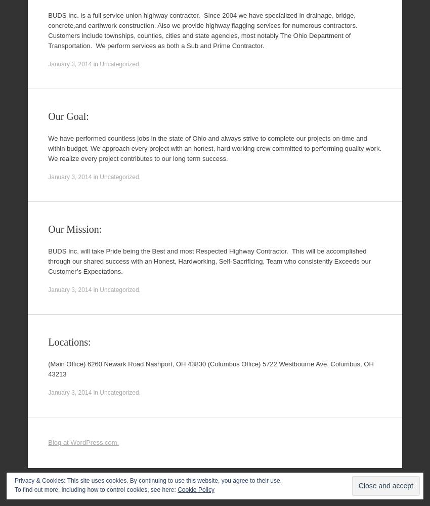 The width and height of the screenshot is (430, 506). Describe the element at coordinates (48, 442) in the screenshot. I see `'Blog at WordPress.com.'` at that location.